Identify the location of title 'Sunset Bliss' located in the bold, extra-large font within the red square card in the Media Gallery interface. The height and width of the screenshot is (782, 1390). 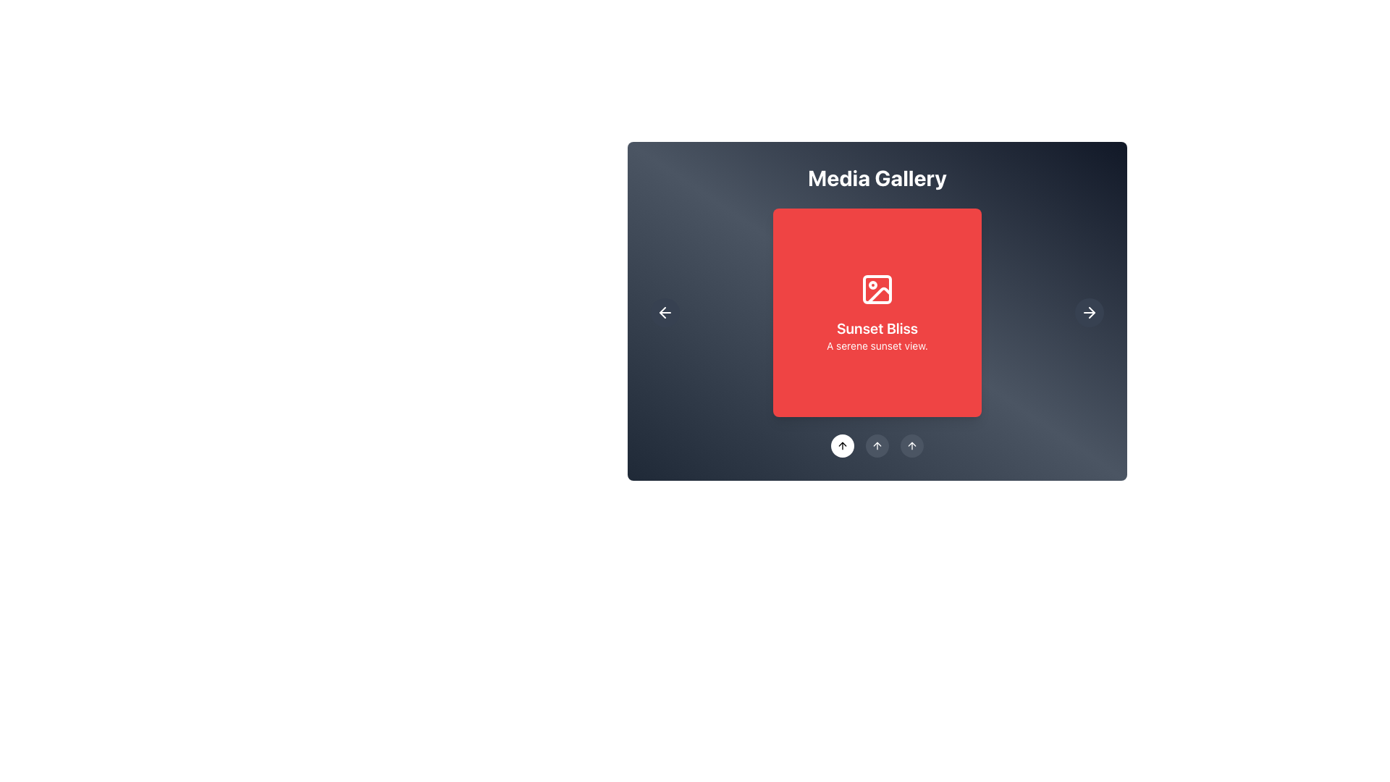
(876, 329).